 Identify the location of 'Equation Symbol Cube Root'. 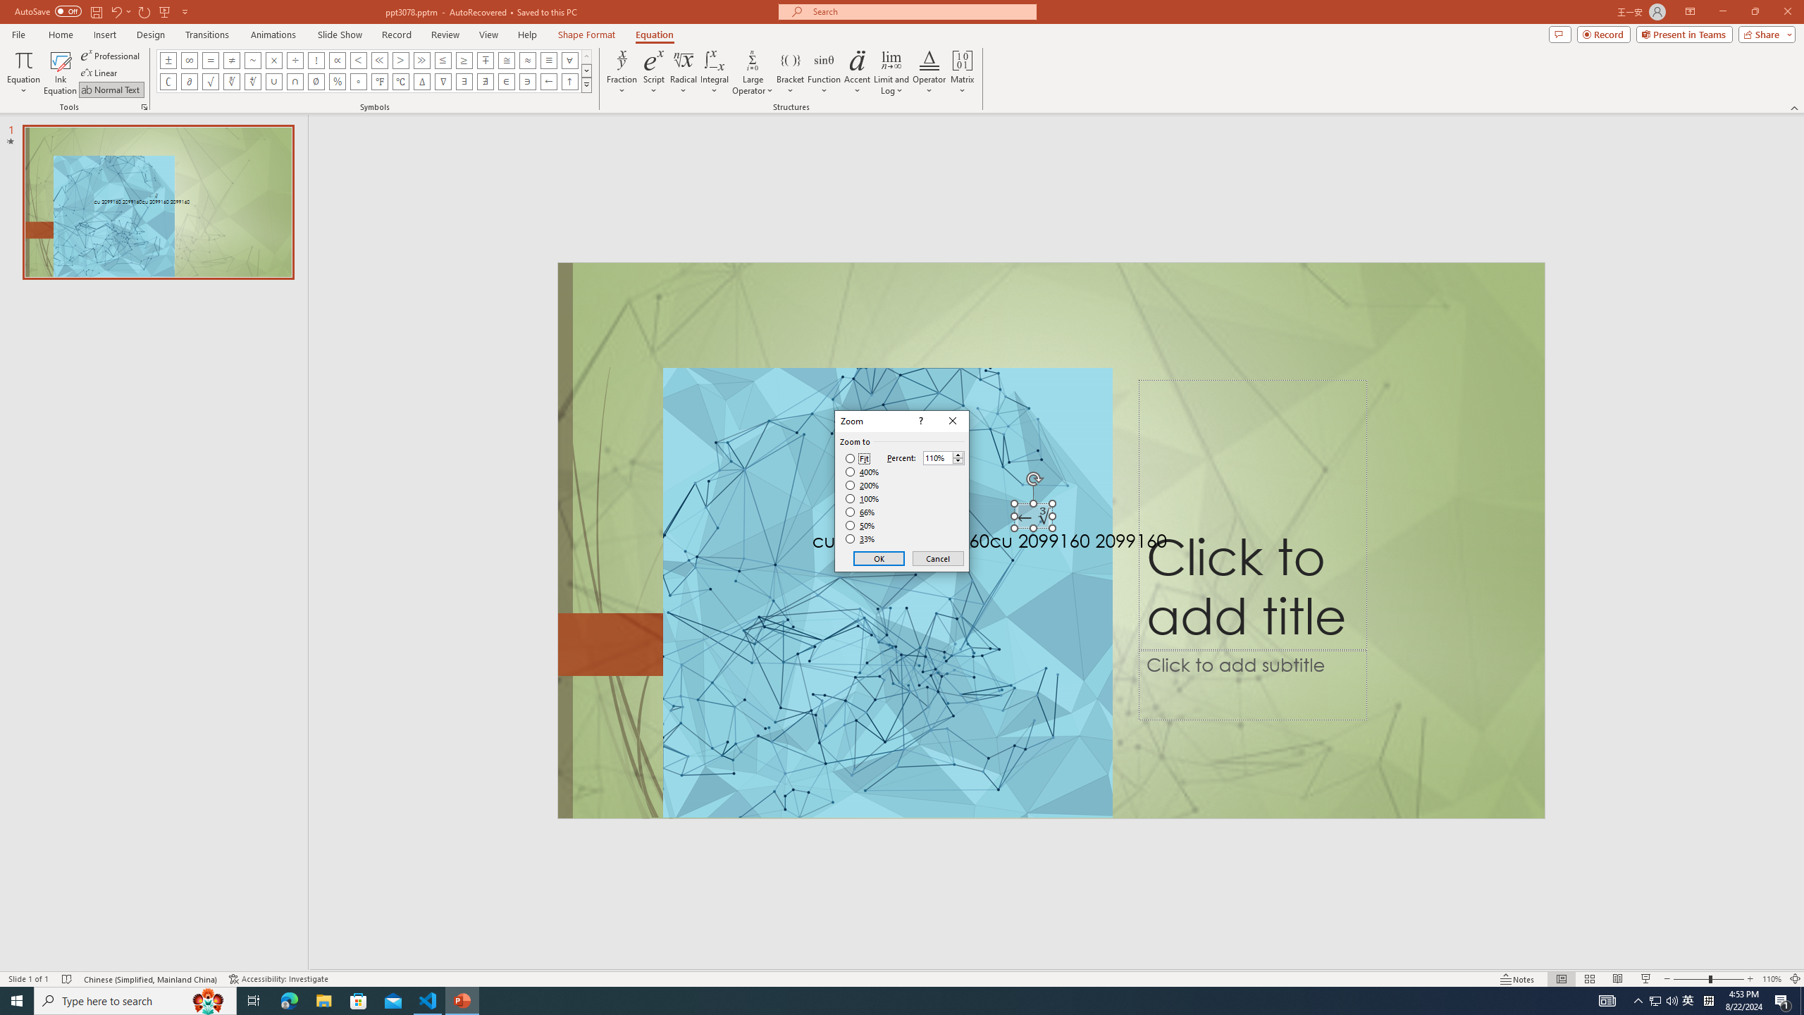
(230, 80).